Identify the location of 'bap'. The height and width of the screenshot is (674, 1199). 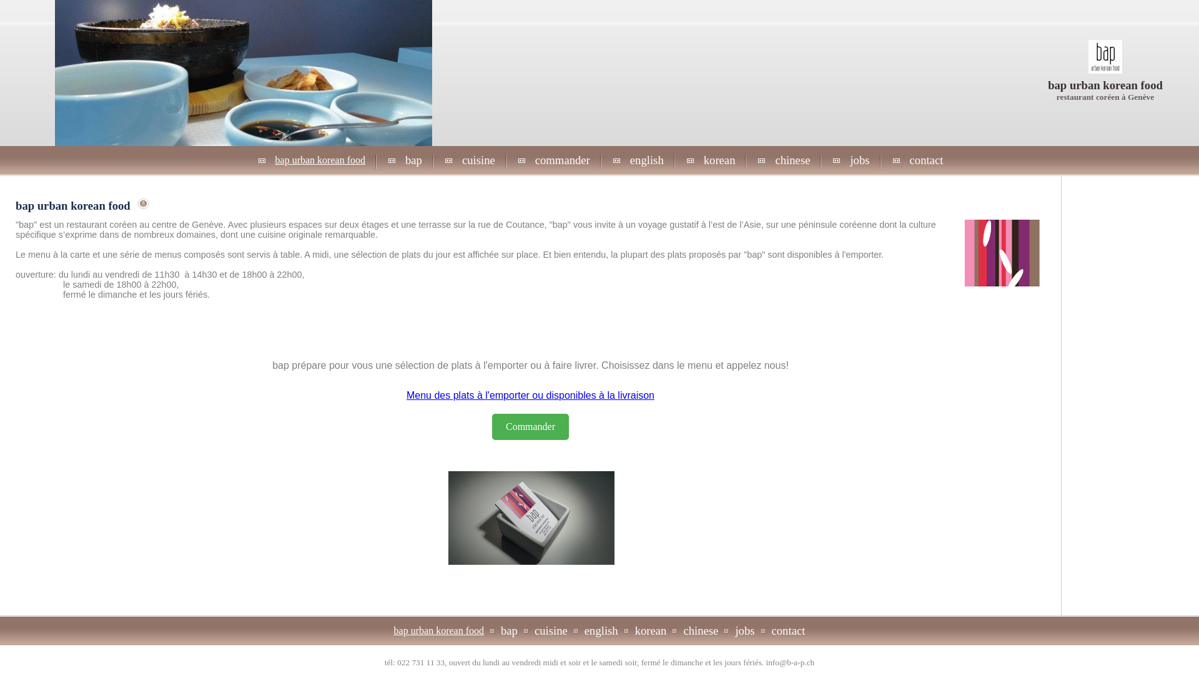
(509, 630).